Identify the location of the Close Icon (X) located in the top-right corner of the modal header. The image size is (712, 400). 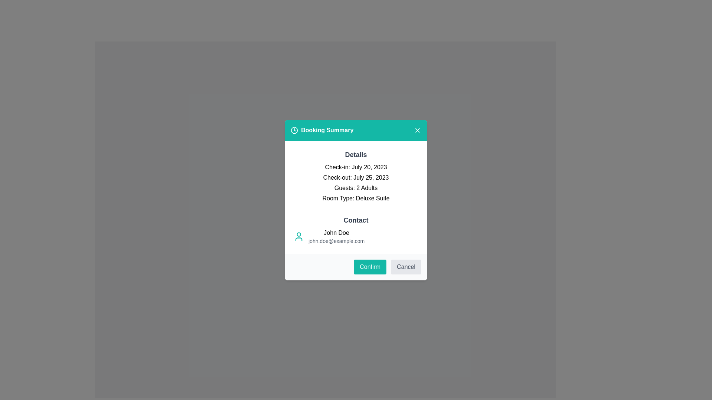
(418, 130).